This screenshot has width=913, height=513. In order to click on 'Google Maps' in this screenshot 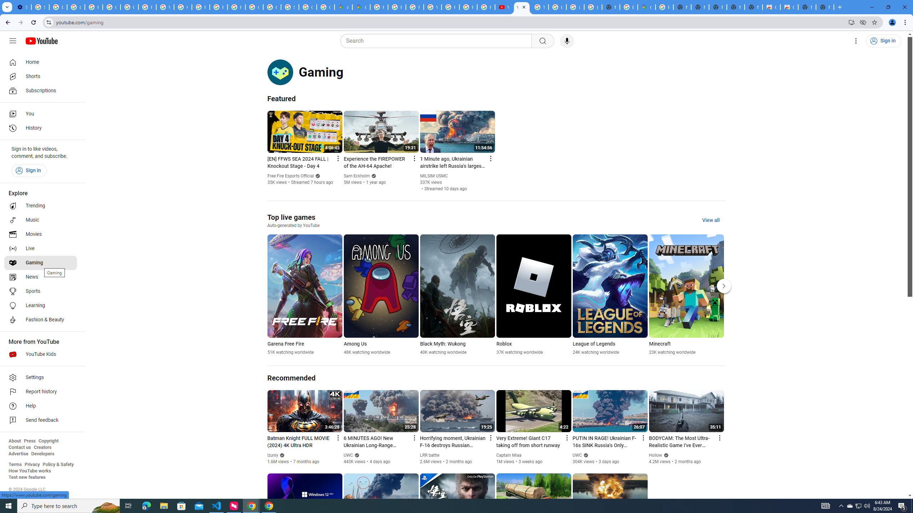, I will do `click(646, 7)`.